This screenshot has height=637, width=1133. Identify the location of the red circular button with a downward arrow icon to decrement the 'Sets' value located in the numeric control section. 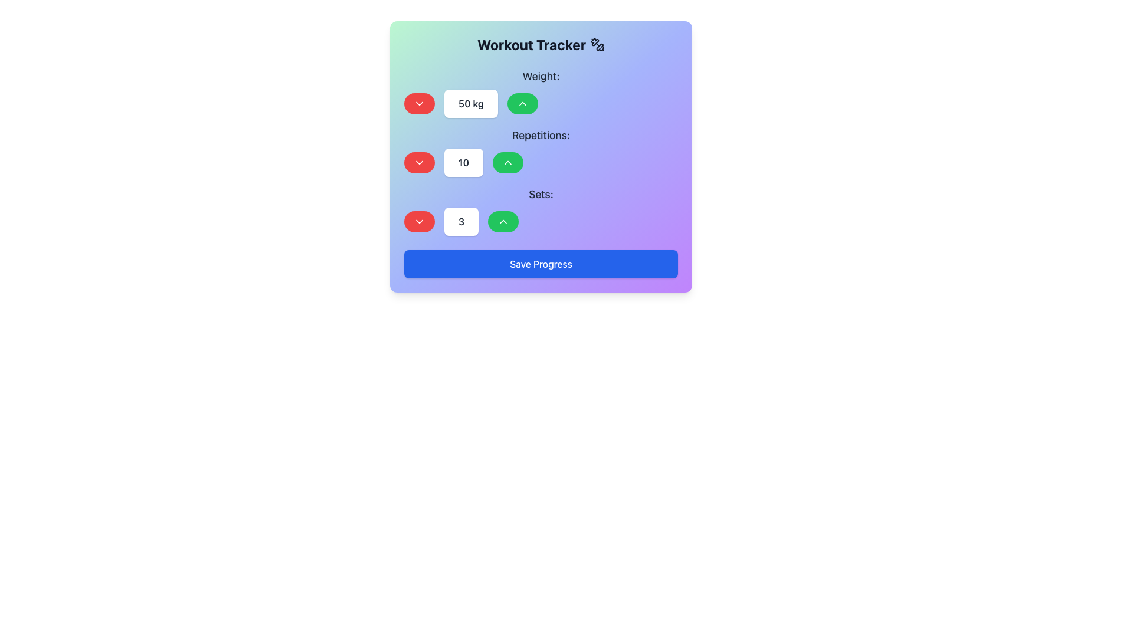
(419, 221).